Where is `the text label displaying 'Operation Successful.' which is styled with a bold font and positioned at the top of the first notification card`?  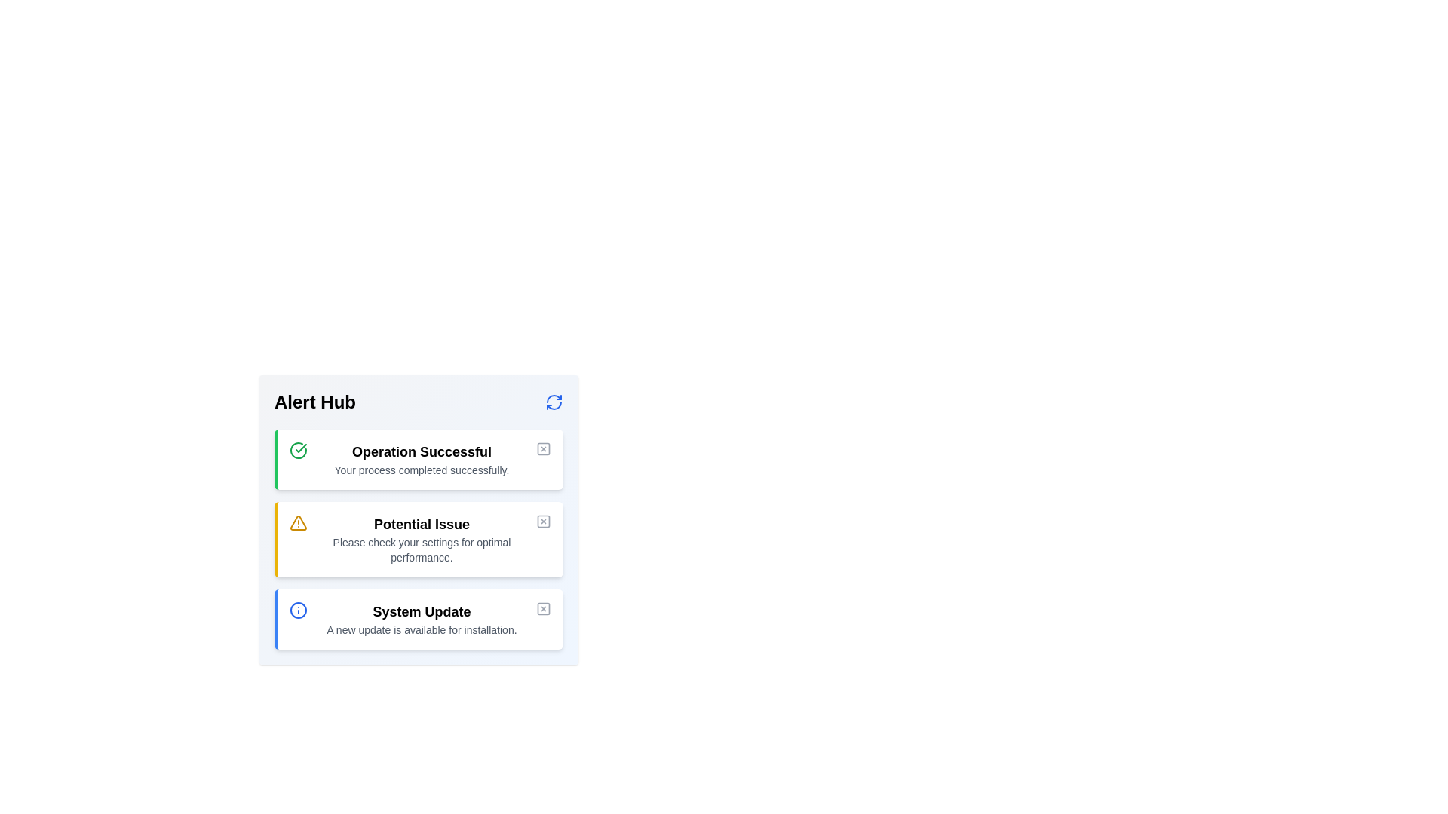 the text label displaying 'Operation Successful.' which is styled with a bold font and positioned at the top of the first notification card is located at coordinates (422, 451).